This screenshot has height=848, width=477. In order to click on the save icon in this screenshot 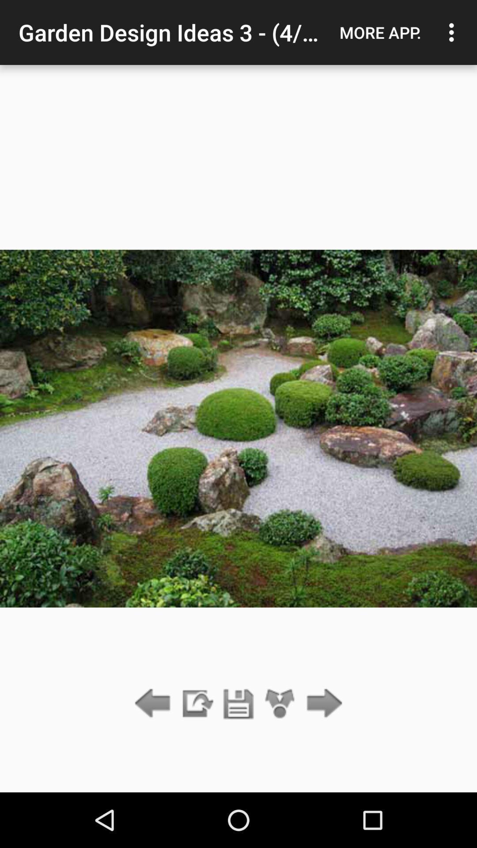, I will do `click(238, 704)`.